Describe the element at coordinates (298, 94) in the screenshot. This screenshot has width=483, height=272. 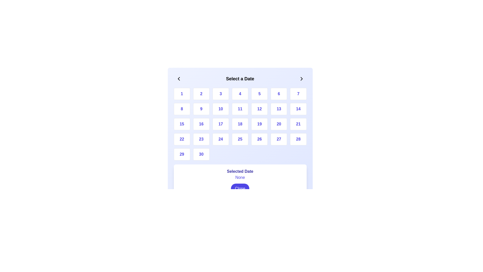
I see `the button labeled '7' located in the top-right corner of the grid` at that location.